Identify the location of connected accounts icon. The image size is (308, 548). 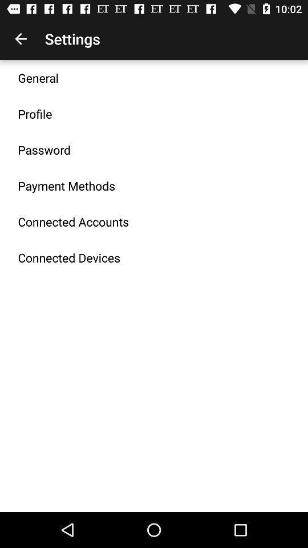
(73, 221).